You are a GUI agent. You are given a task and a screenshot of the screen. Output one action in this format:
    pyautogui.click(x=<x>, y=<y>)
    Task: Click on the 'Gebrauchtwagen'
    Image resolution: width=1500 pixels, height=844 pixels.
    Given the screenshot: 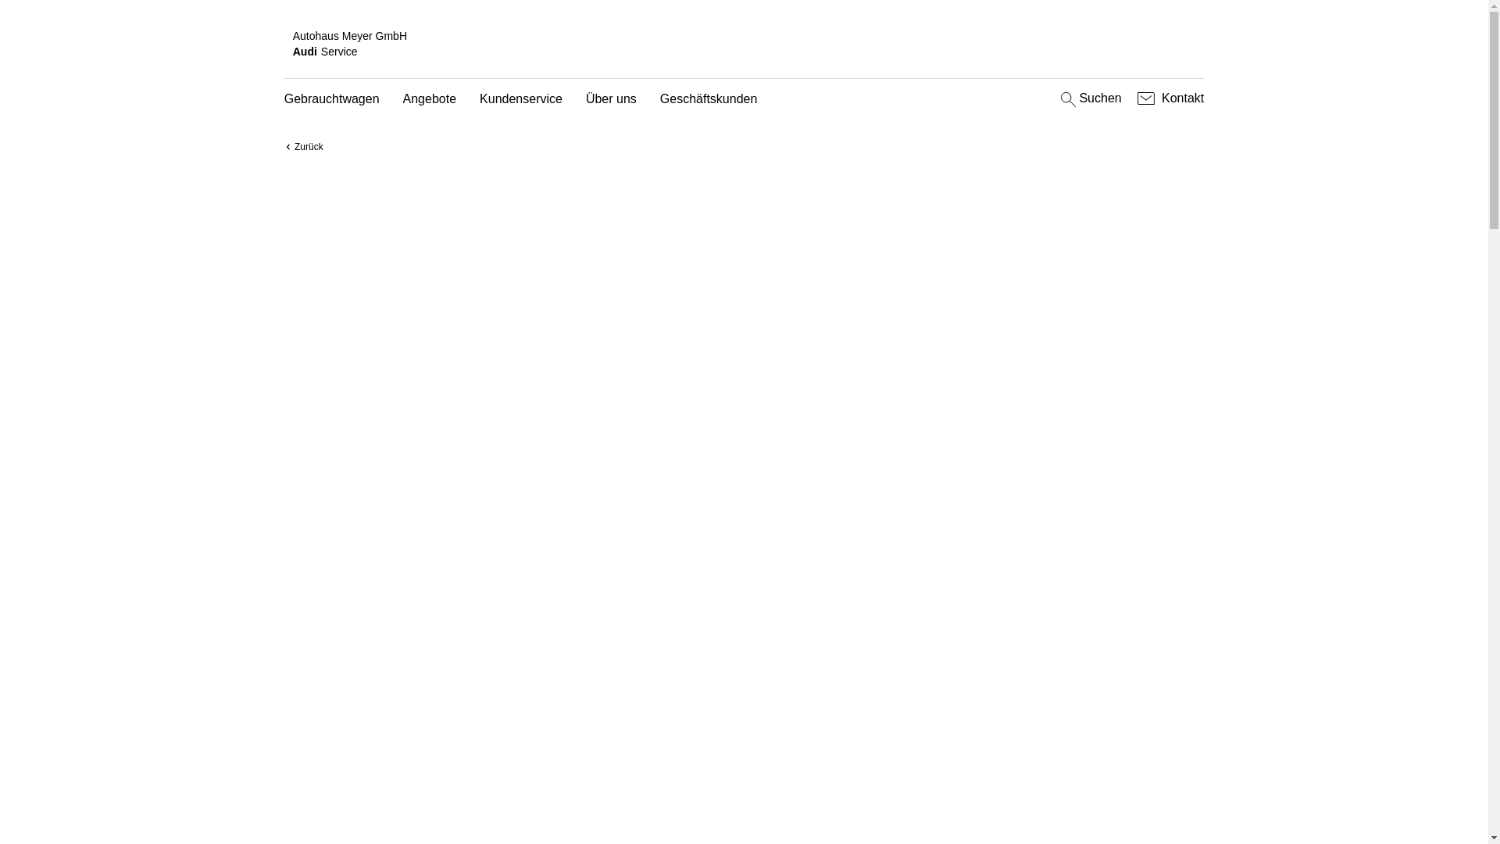 What is the action you would take?
    pyautogui.click(x=331, y=99)
    